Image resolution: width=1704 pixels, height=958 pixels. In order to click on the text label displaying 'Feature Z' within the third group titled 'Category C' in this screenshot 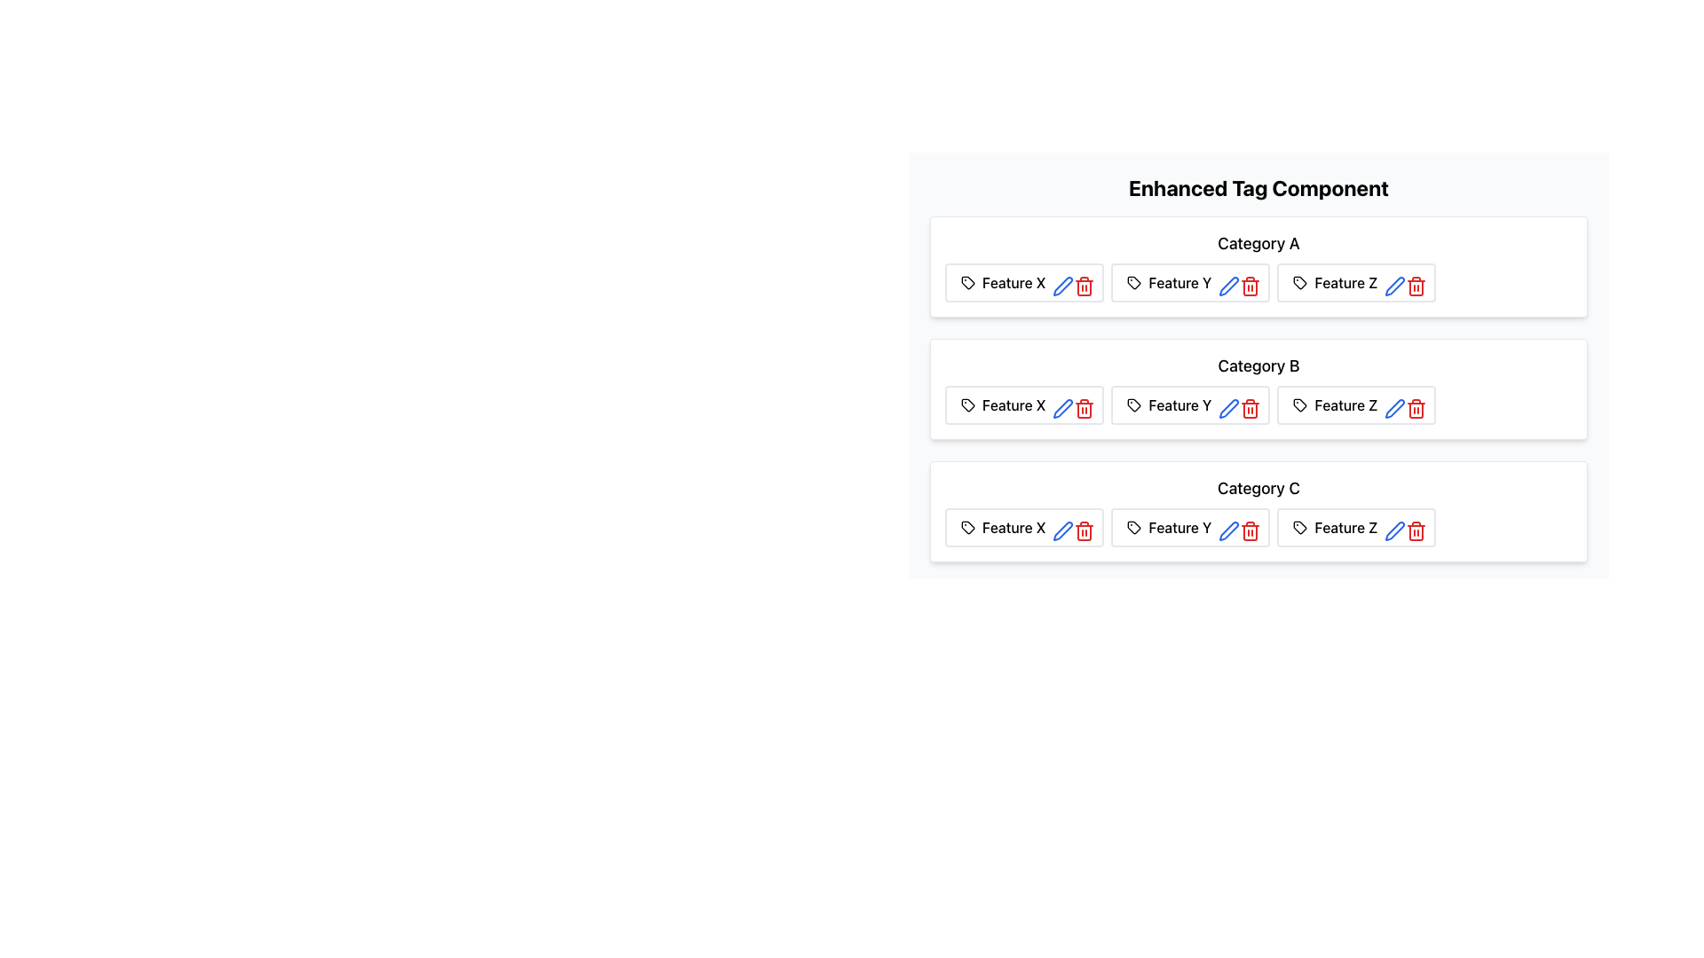, I will do `click(1345, 526)`.